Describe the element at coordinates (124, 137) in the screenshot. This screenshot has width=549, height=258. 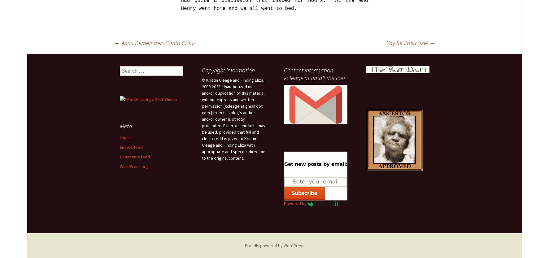
I see `'Log in'` at that location.